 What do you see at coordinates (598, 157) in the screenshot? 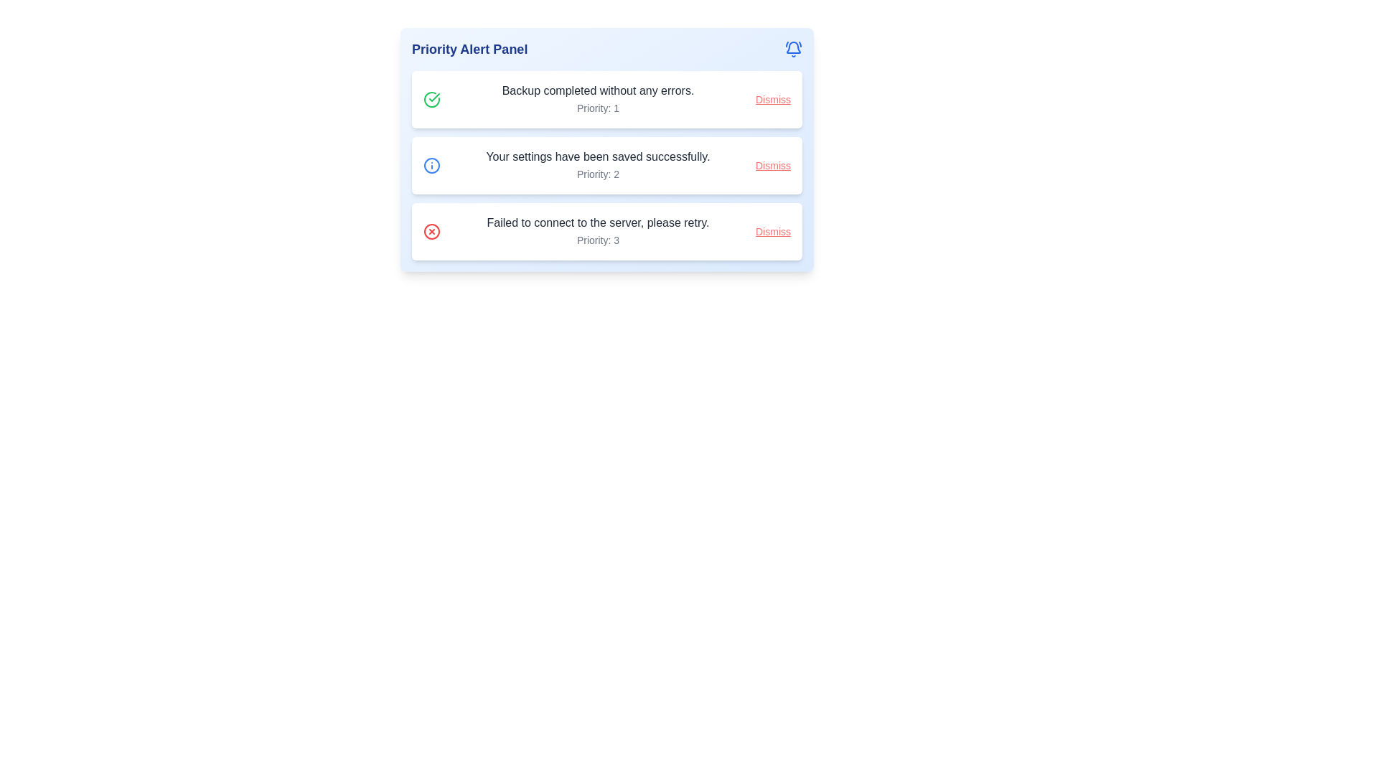
I see `informational text confirming that the settings have been successfully saved, which is the second alert message in the alert panel` at bounding box center [598, 157].